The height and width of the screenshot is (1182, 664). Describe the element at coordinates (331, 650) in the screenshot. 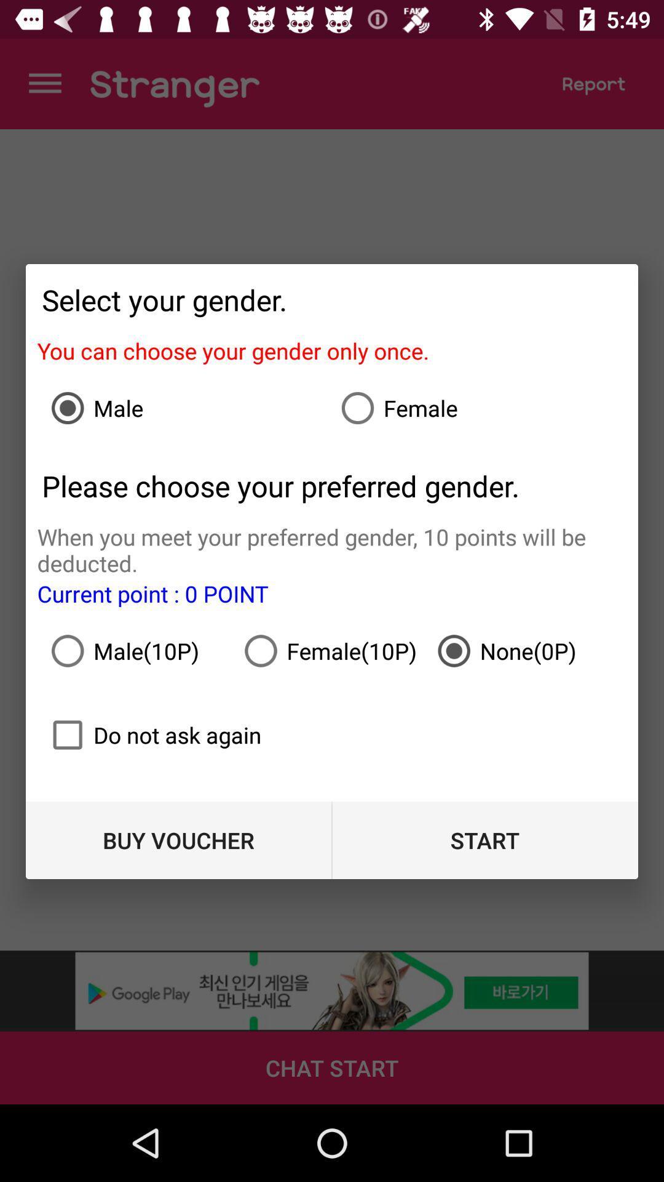

I see `the icon to the right of the male(10p)` at that location.